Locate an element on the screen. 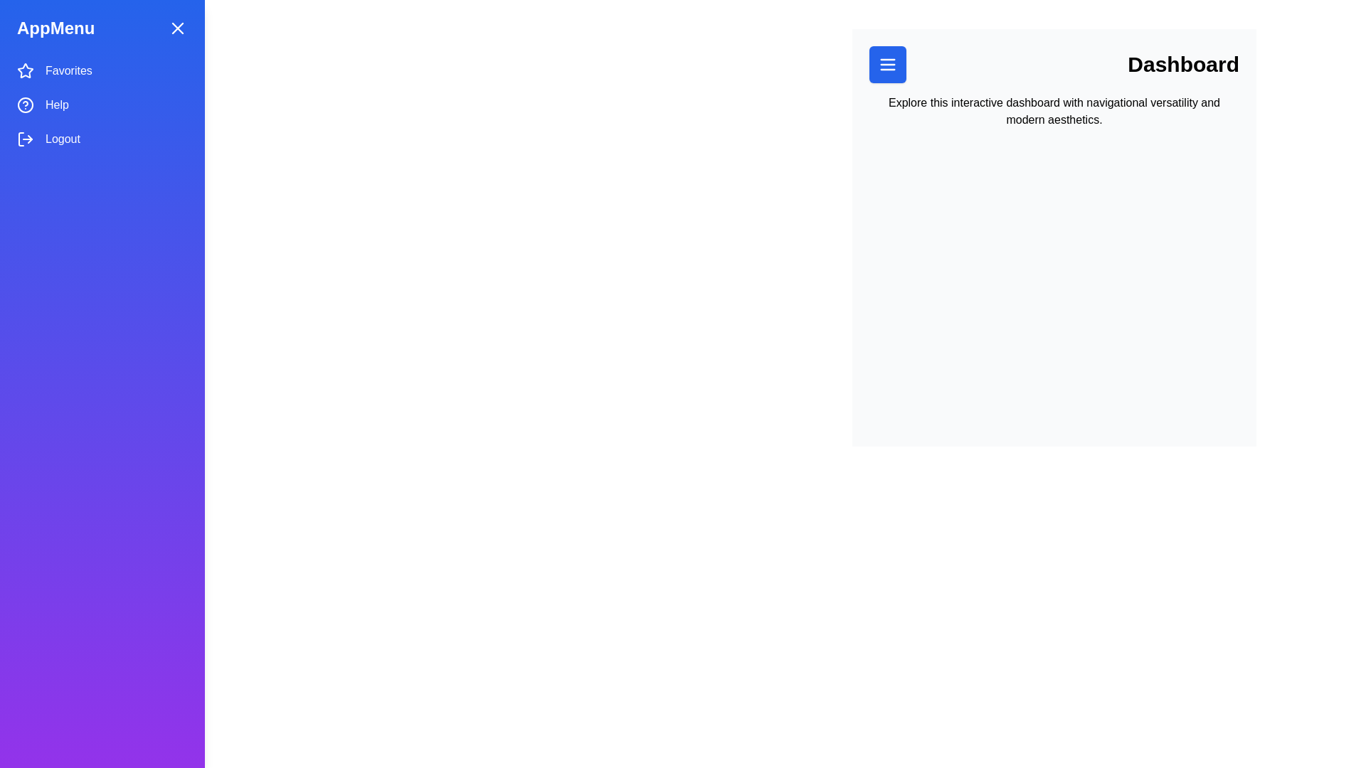  the non-interactive text label that serves as the title of the sidebar menu, located at the top left corner of the sidebar layout is located at coordinates (55, 28).